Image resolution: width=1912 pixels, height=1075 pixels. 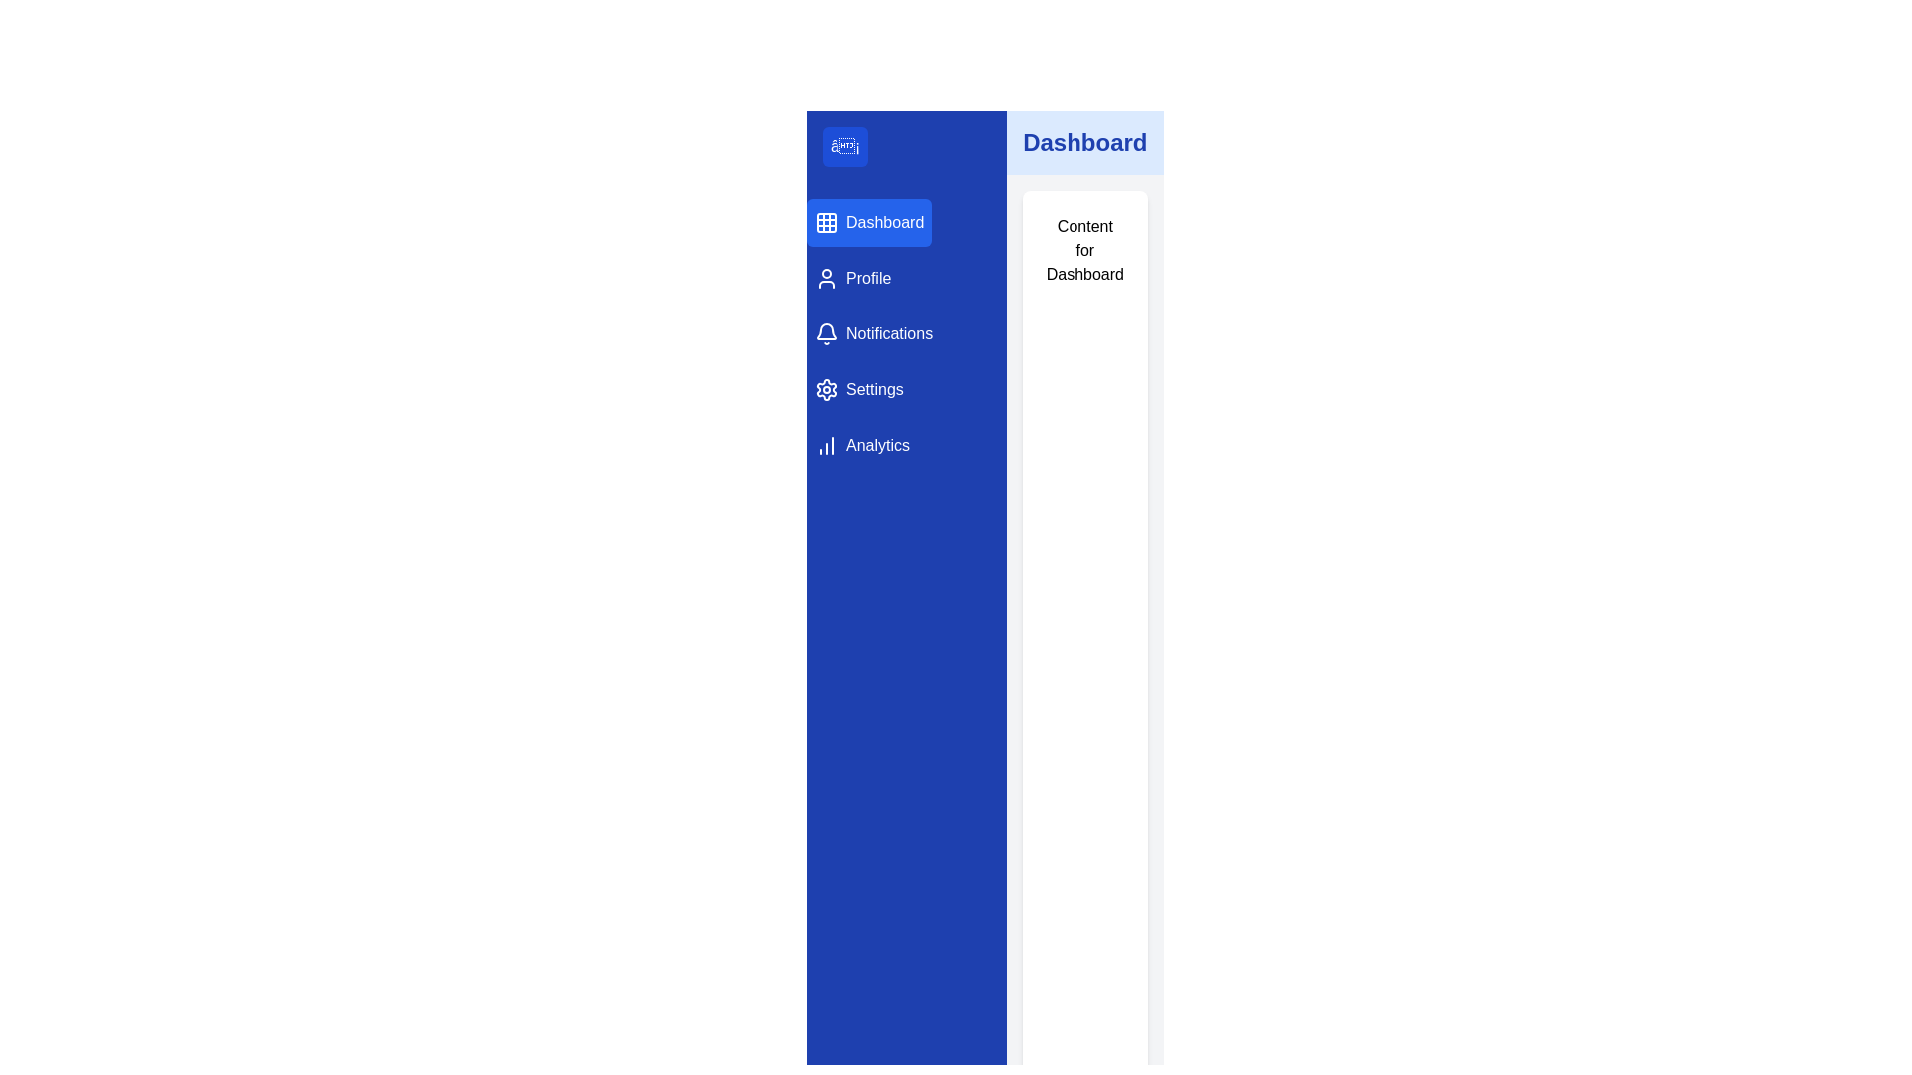 What do you see at coordinates (827, 279) in the screenshot?
I see `the Profile icon located to the left of the 'Profile' text in the navigation menu` at bounding box center [827, 279].